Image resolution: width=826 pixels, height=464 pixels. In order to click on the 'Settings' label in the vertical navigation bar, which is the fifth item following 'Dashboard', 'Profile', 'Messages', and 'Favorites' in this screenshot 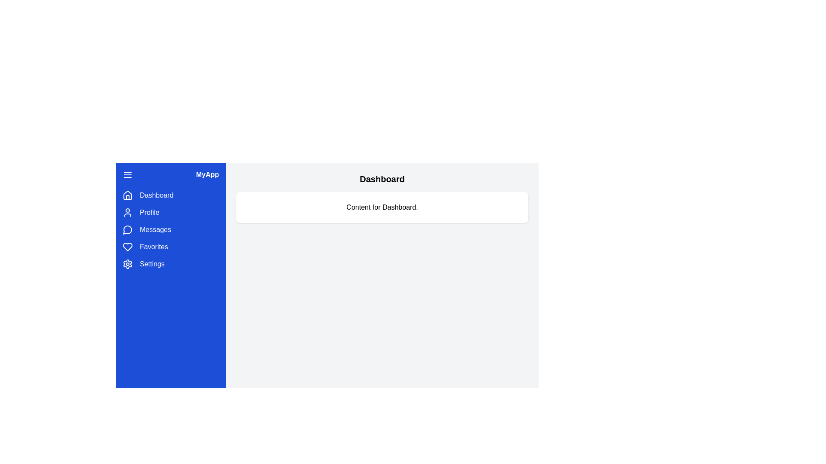, I will do `click(152, 263)`.